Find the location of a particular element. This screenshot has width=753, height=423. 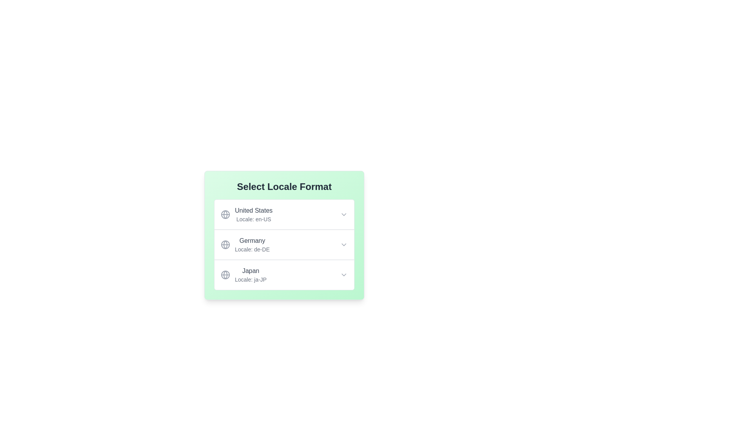

the selectable item in the locale selection list that represents the 'Japan' locale, which is the third item in the list is located at coordinates (250, 275).